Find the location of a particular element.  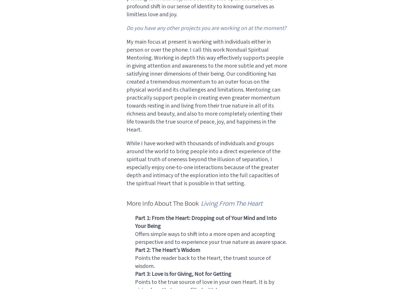

'The Heart's Wisdom' is located at coordinates (151, 250).